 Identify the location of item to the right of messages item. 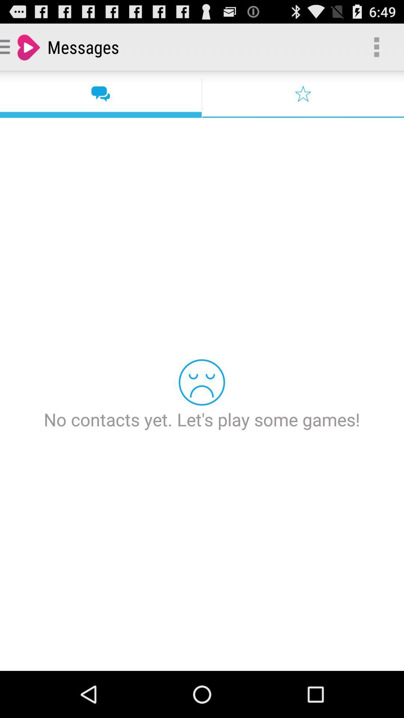
(376, 46).